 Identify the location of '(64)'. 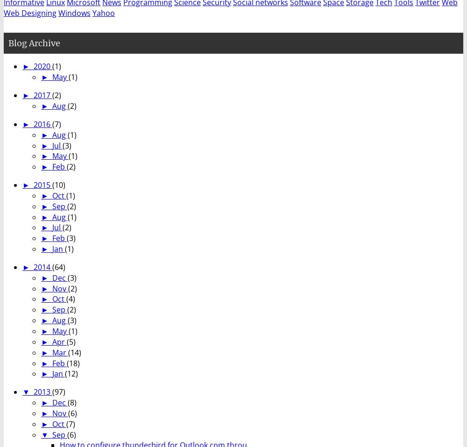
(51, 267).